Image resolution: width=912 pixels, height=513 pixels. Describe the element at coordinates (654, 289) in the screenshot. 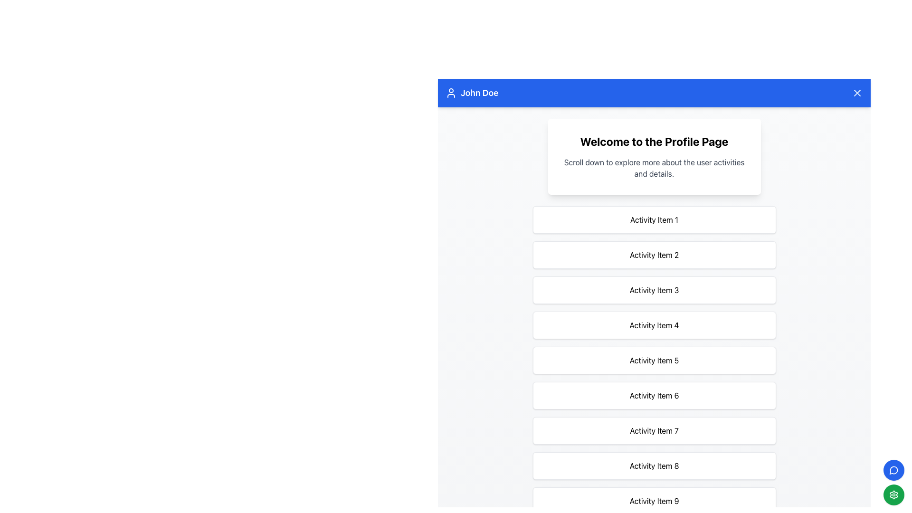

I see `text displayed on the Text Card labeled 'Activity Item 3', which is the third item in a vertical list of similar items` at that location.